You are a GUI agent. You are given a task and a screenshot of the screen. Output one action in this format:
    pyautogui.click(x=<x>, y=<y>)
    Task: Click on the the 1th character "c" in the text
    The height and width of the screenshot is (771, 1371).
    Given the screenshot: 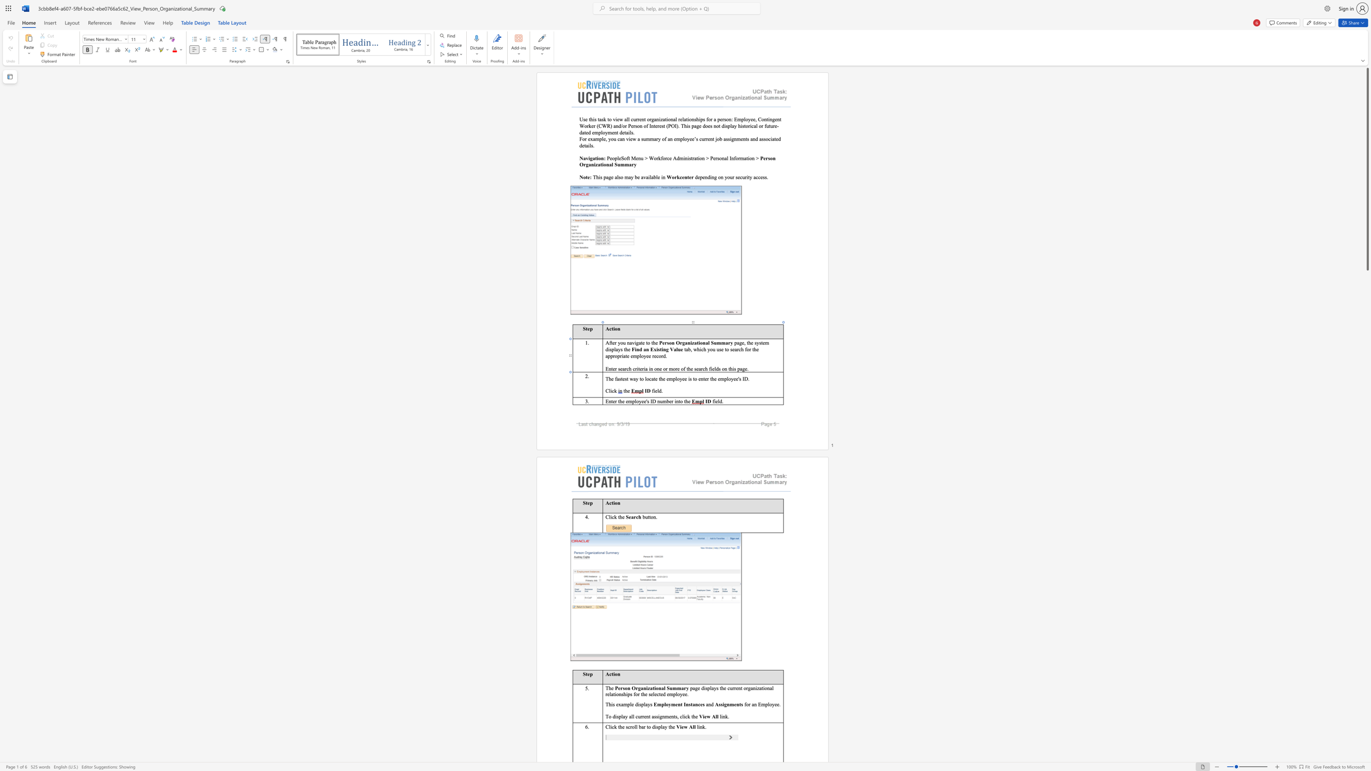 What is the action you would take?
    pyautogui.click(x=637, y=716)
    